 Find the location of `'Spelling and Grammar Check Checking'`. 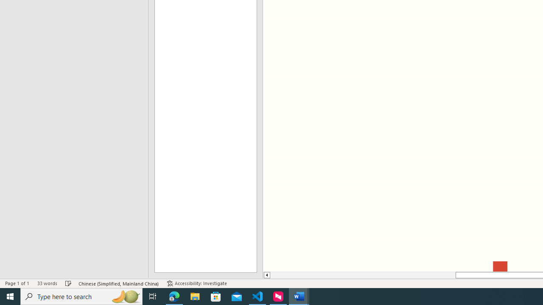

'Spelling and Grammar Check Checking' is located at coordinates (68, 283).